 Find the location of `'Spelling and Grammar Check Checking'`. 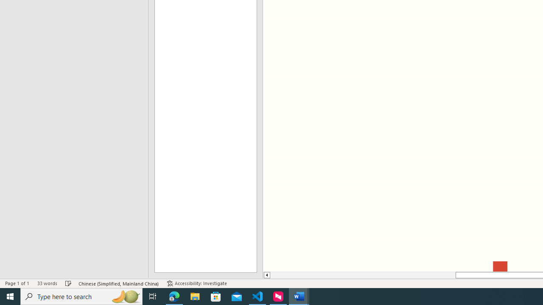

'Spelling and Grammar Check Checking' is located at coordinates (68, 283).